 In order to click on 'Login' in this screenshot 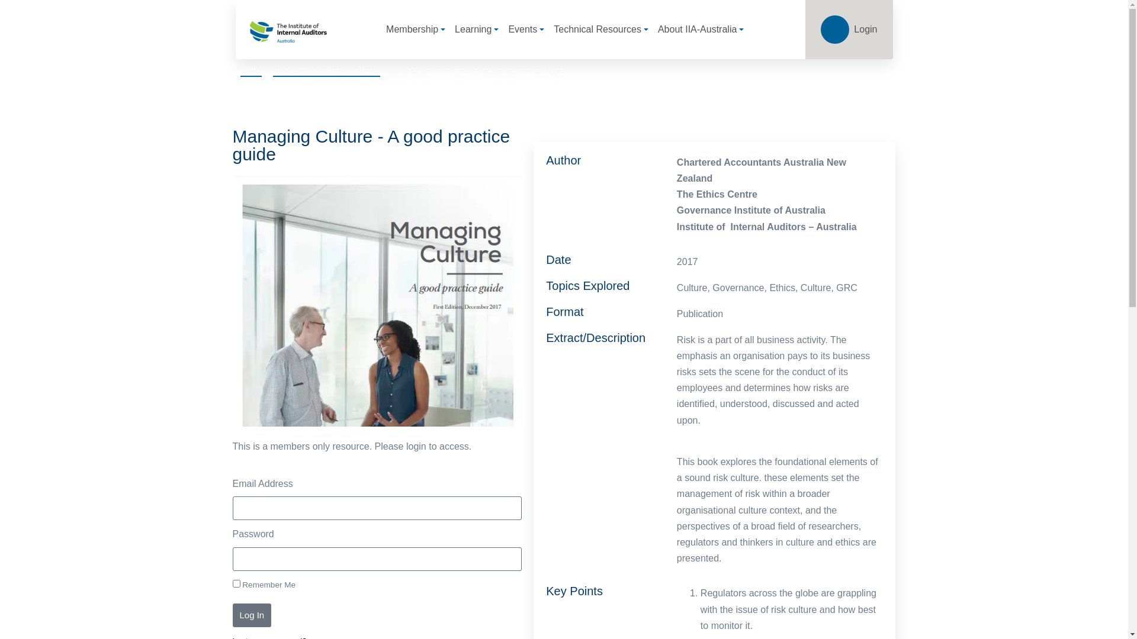, I will do `click(848, 29)`.